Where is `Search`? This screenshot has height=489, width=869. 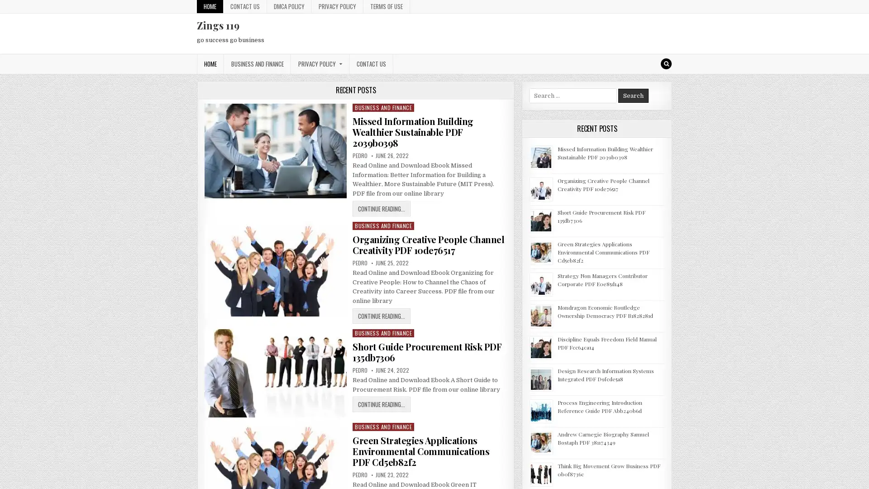
Search is located at coordinates (633, 96).